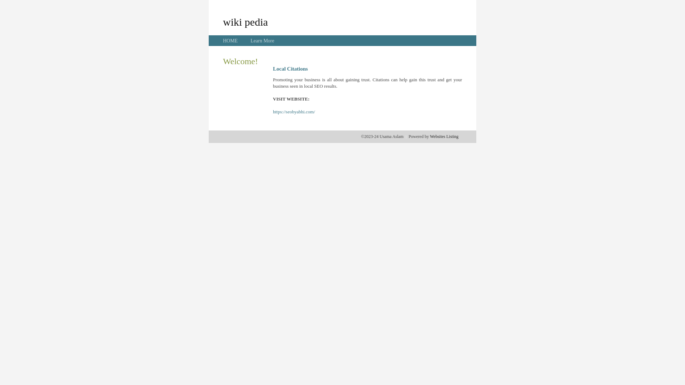 The height and width of the screenshot is (385, 685). I want to click on 'wiki pedia', so click(222, 21).